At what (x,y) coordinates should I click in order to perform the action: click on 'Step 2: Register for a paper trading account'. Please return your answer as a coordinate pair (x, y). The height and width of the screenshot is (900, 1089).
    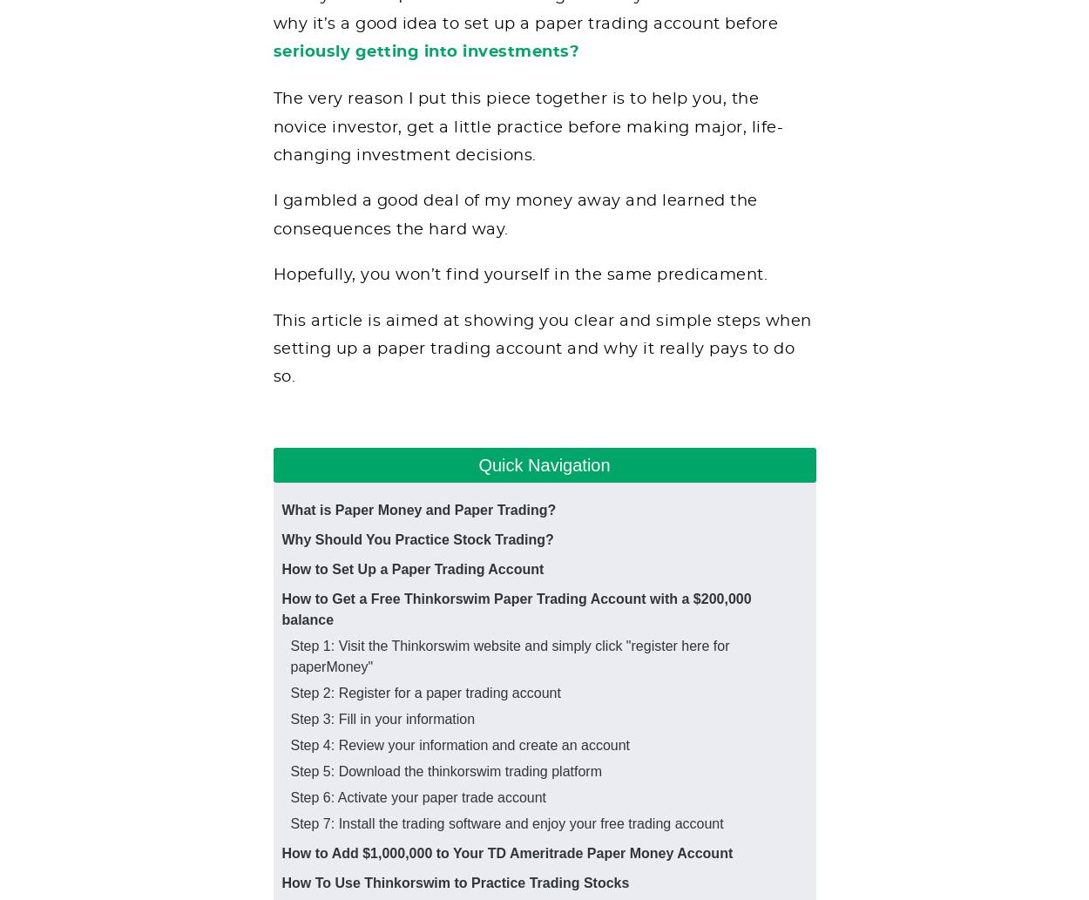
    Looking at the image, I should click on (424, 692).